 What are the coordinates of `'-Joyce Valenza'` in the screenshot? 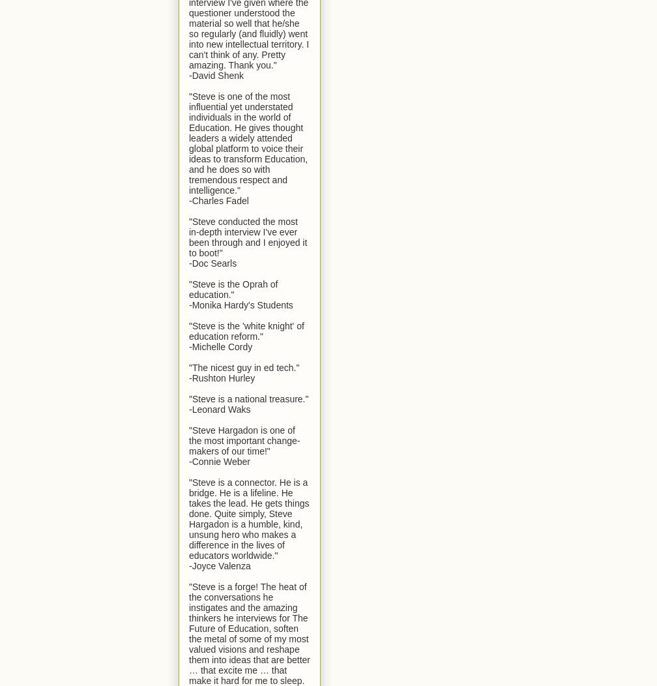 It's located at (219, 564).